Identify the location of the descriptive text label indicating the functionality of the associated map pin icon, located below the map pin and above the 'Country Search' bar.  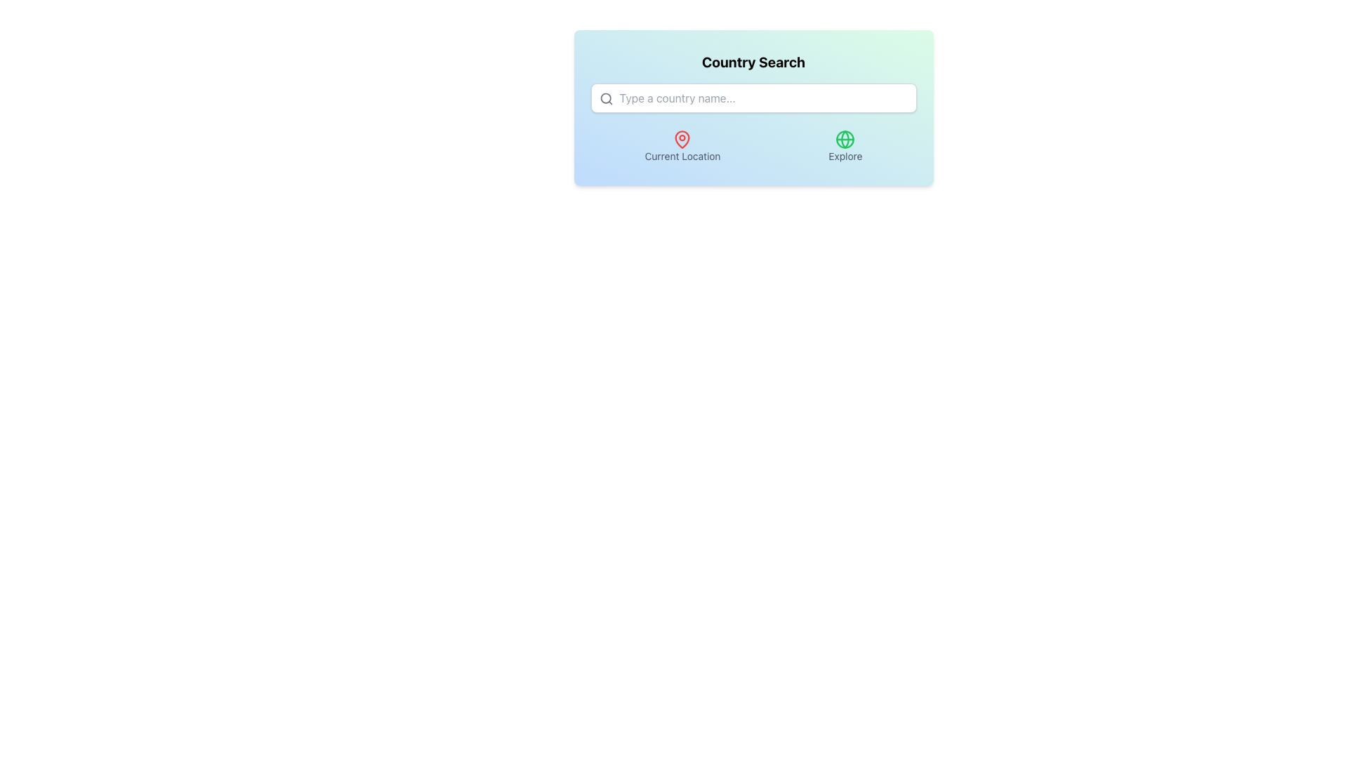
(682, 157).